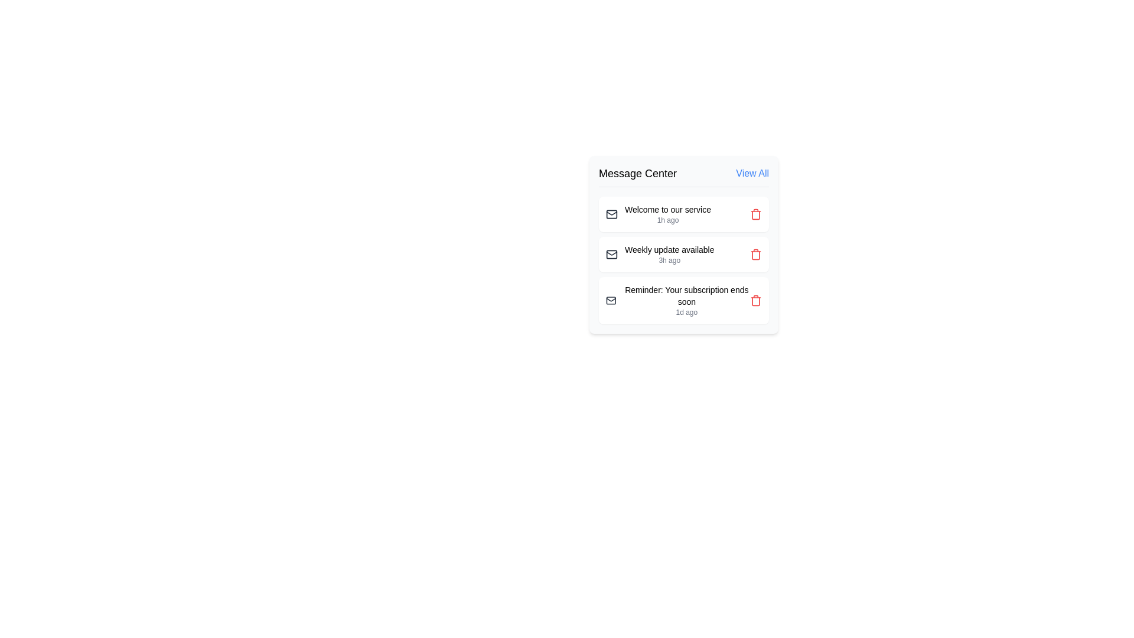  I want to click on the 'Message Center' text label, which is a bold heading located at the top left of the notification card interface, to interact with it, so click(637, 173).